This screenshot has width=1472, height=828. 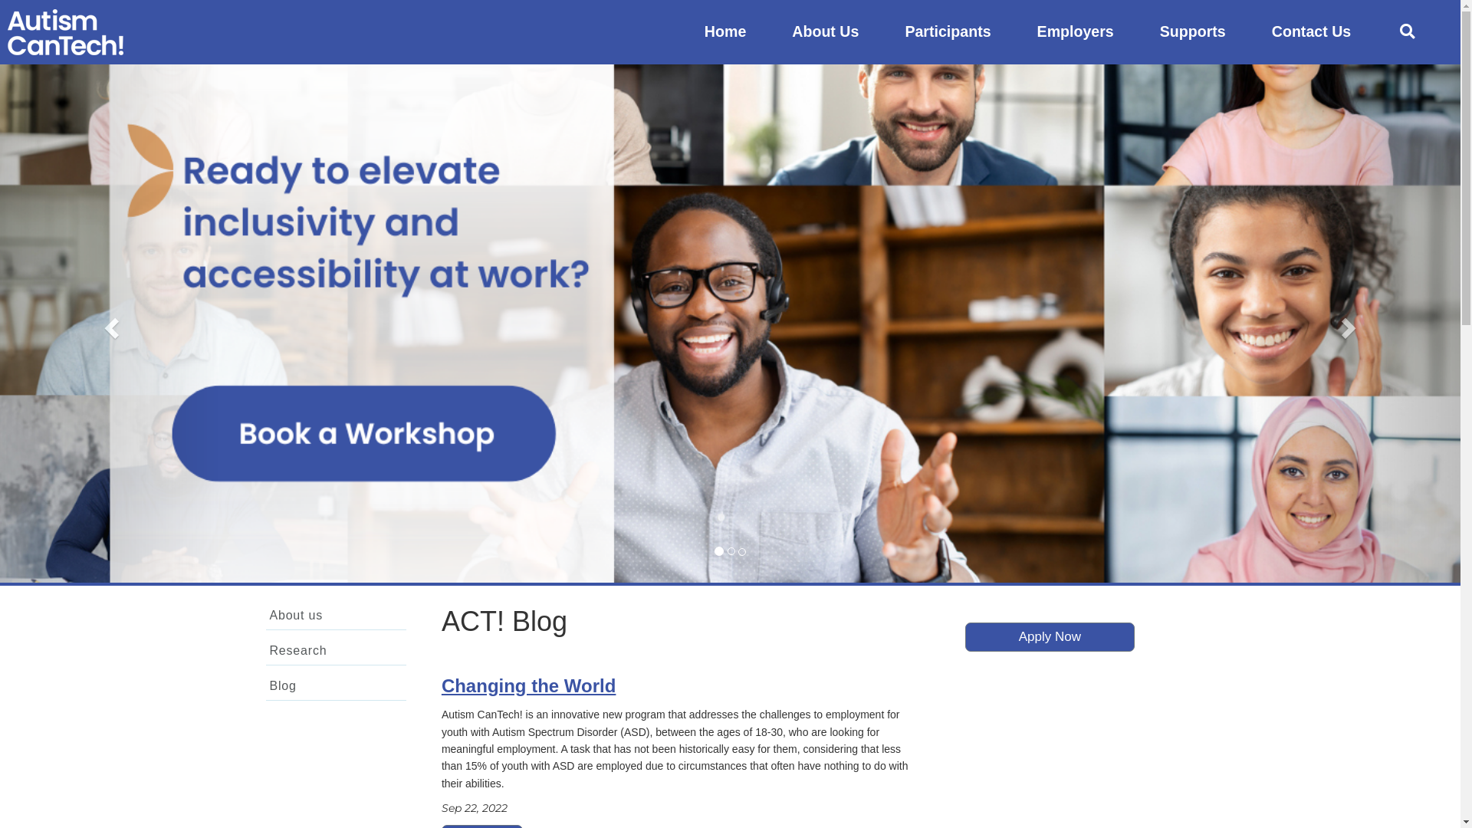 I want to click on 'Employers', so click(x=1014, y=32).